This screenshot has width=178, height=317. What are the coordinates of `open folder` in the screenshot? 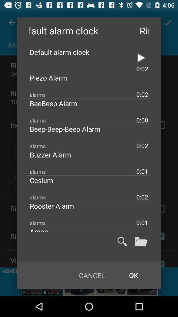 It's located at (141, 241).